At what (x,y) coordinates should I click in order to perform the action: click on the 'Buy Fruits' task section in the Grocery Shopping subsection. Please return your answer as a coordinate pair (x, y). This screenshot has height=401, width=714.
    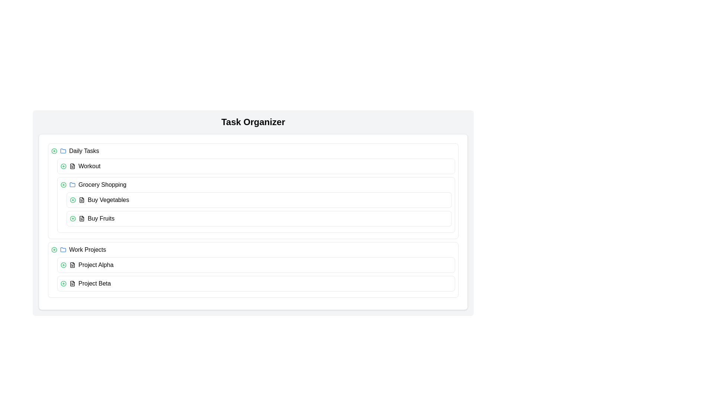
    Looking at the image, I should click on (259, 218).